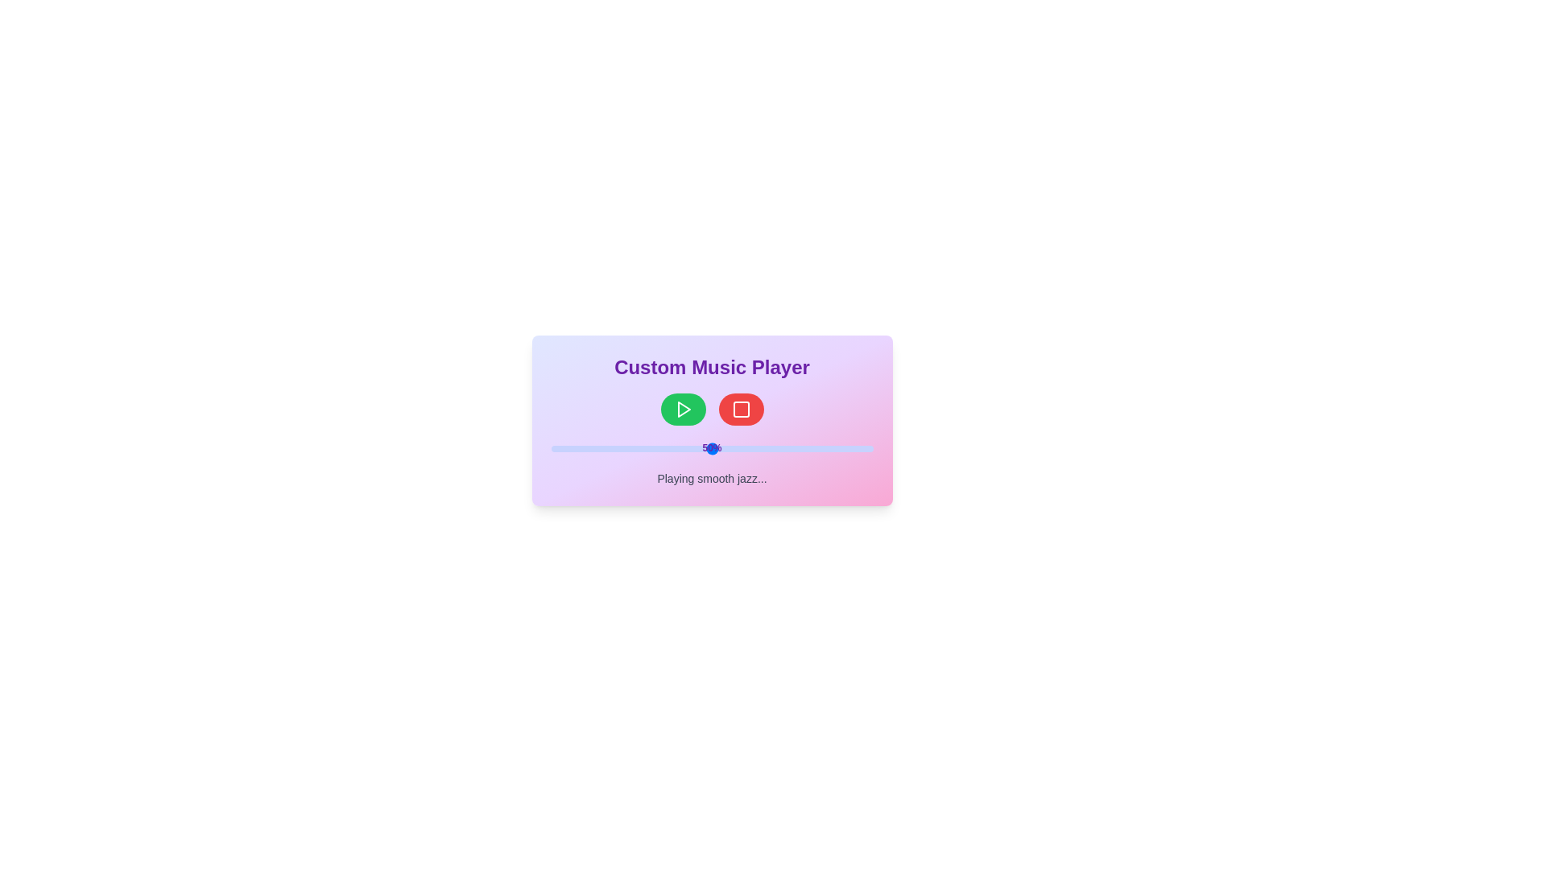 This screenshot has height=869, width=1546. Describe the element at coordinates (740, 409) in the screenshot. I see `the small, square-shaped icon with rounded corners located slightly to the right of the center of the music player interface` at that location.